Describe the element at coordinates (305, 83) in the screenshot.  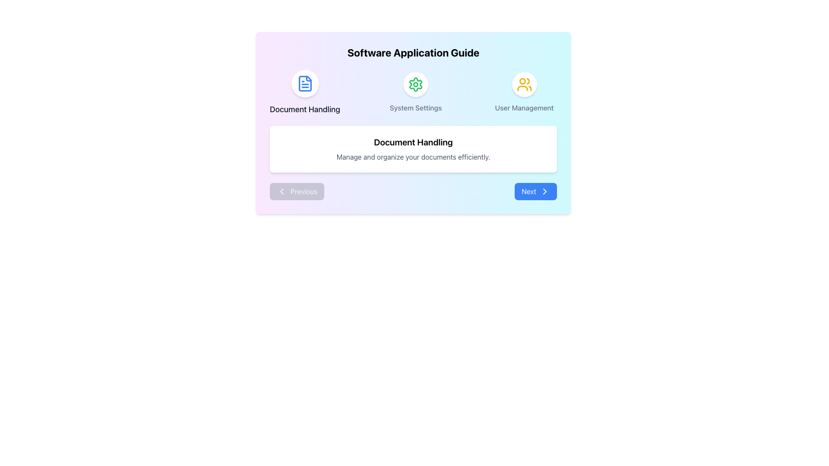
I see `the blue document icon with text lines and a folded corner, which is located in the top-left section of the interface above the 'Document Handling' text` at that location.